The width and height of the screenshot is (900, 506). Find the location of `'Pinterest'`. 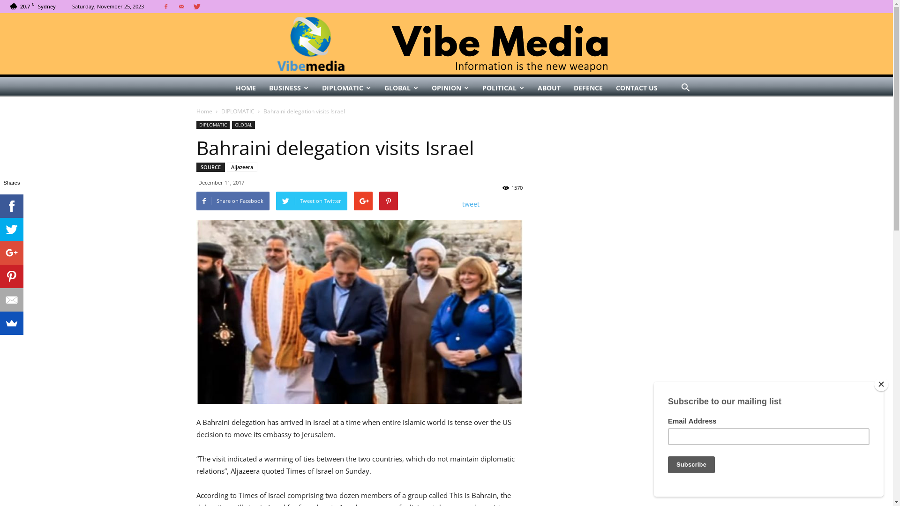

'Pinterest' is located at coordinates (11, 276).